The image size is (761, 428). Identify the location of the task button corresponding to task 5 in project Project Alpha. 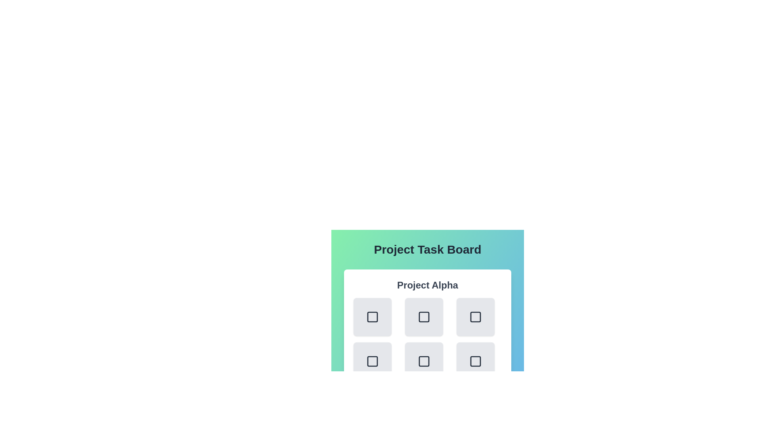
(476, 361).